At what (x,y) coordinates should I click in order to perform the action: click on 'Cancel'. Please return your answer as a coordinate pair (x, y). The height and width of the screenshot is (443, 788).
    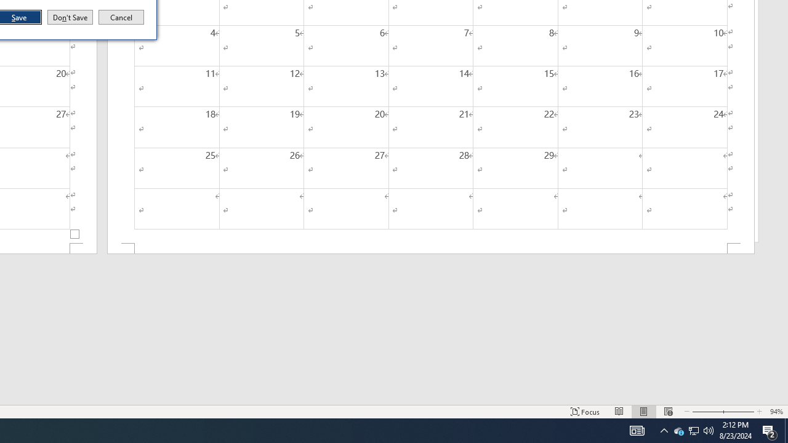
    Looking at the image, I should click on (121, 17).